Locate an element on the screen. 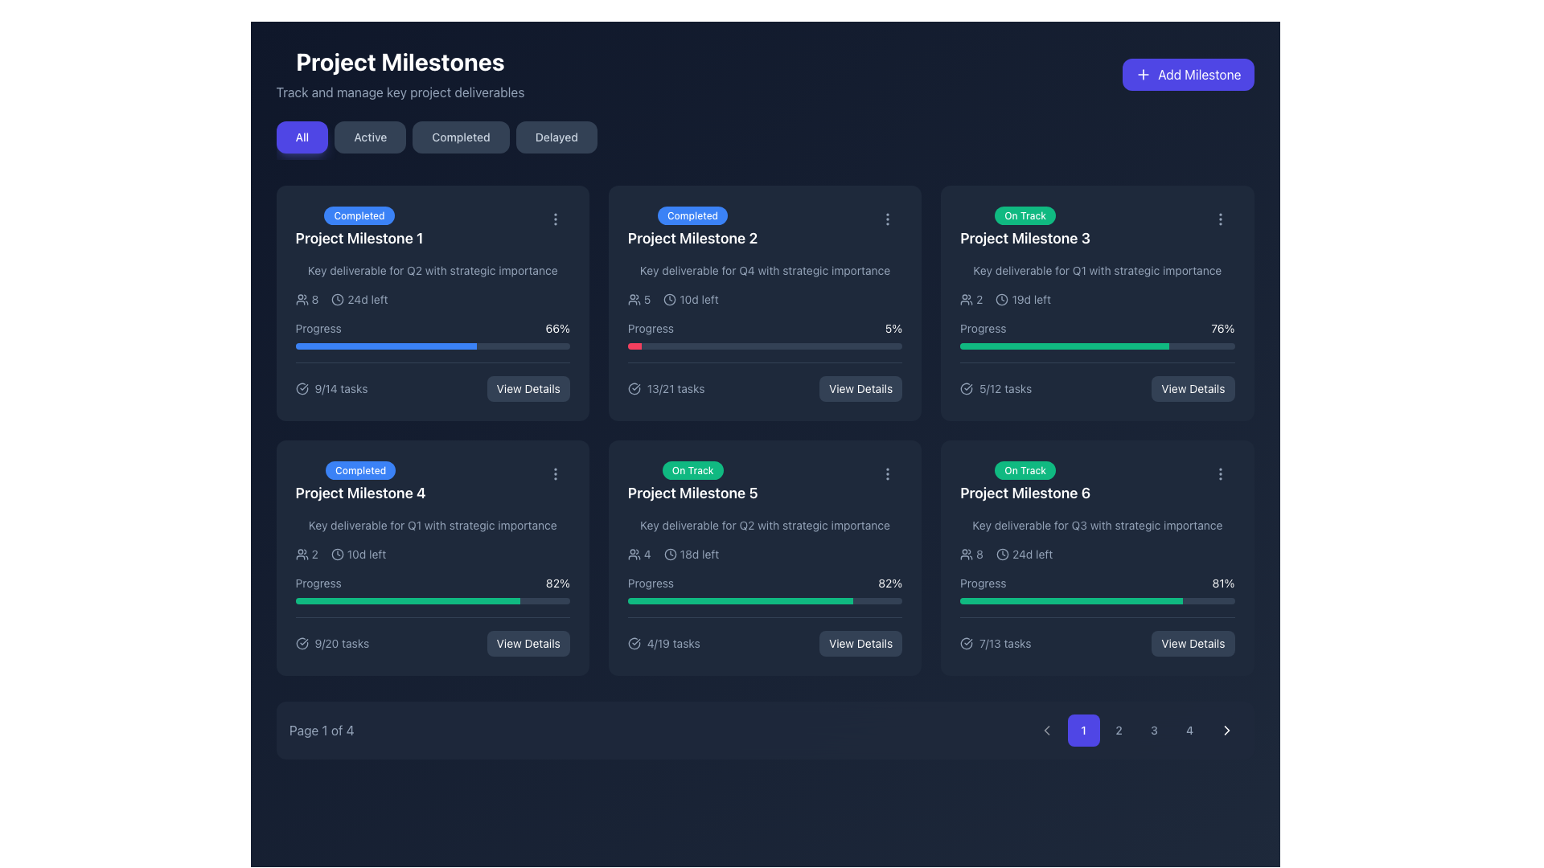 The height and width of the screenshot is (868, 1544). the progress bar located below the text 'Progress' and '5%' in the second card of the grid layout under the title 'Project Milestone 2' is located at coordinates (764, 346).